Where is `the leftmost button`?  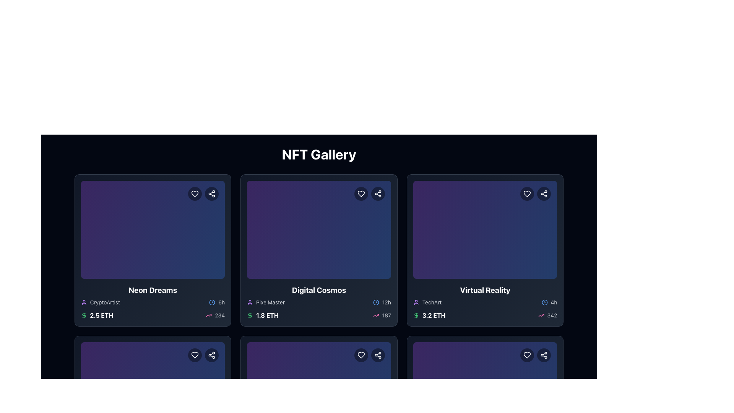
the leftmost button is located at coordinates (195, 355).